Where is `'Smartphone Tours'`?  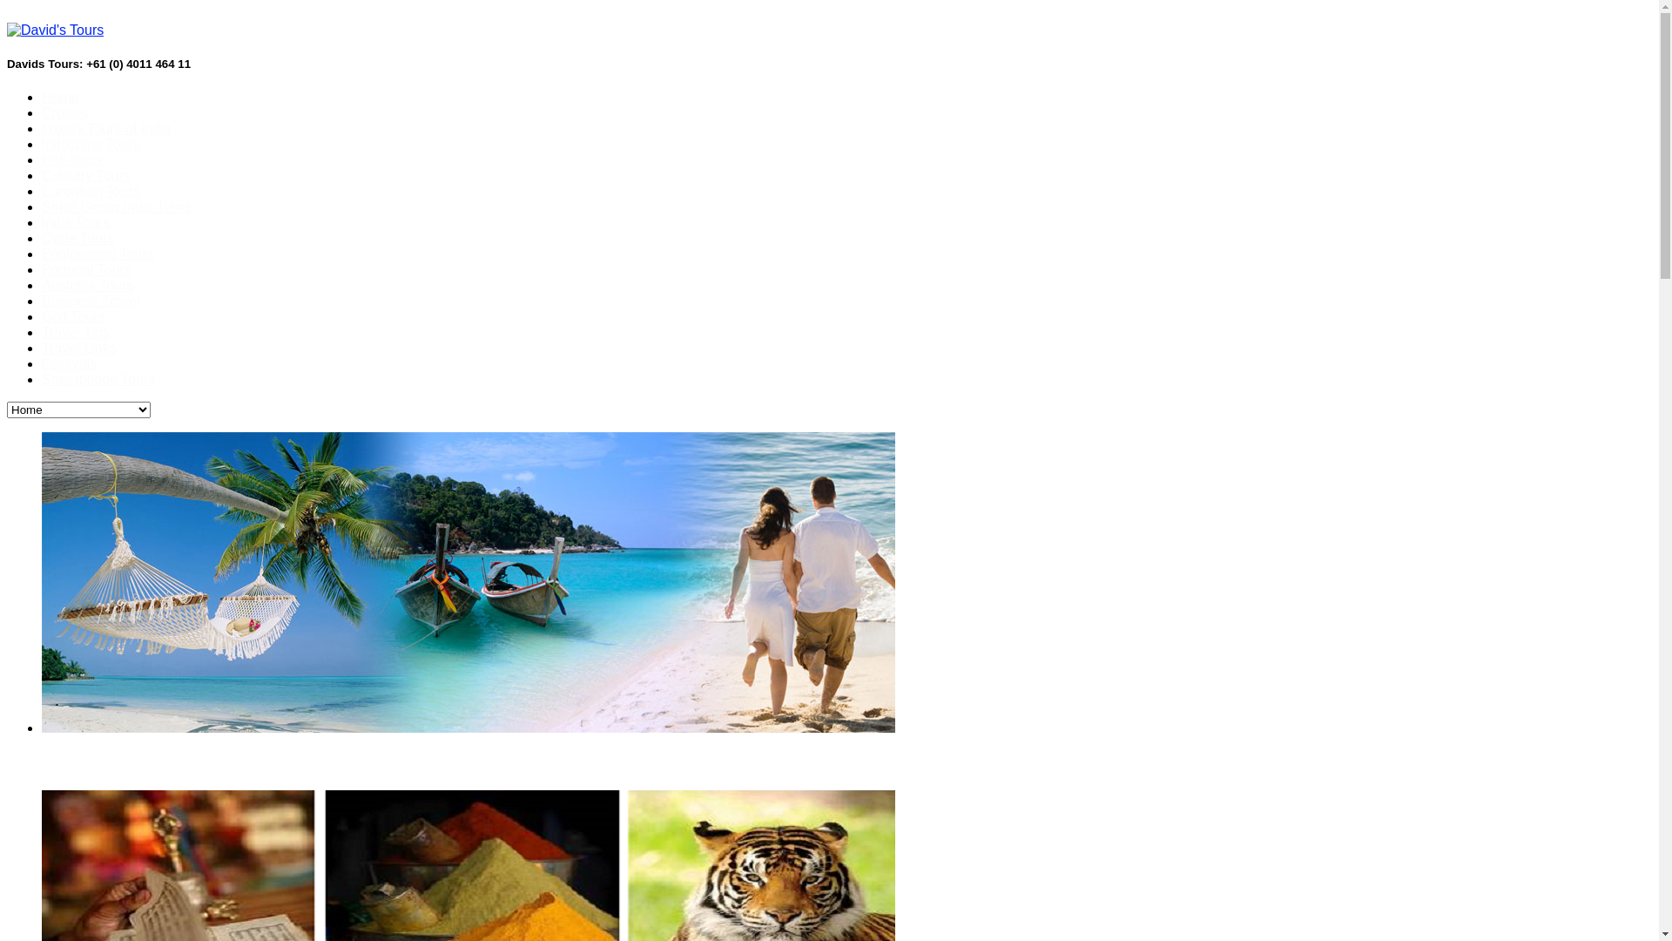
'Smartphone Tours' is located at coordinates (98, 378).